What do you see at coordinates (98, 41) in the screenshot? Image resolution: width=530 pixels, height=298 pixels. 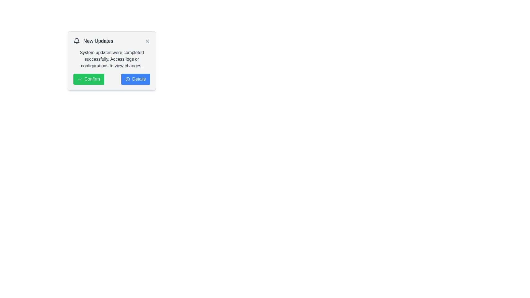 I see `the 'New Updates' text label, which is styled with a medium font weight and gray color, positioned next to a bell icon in the modal window` at bounding box center [98, 41].